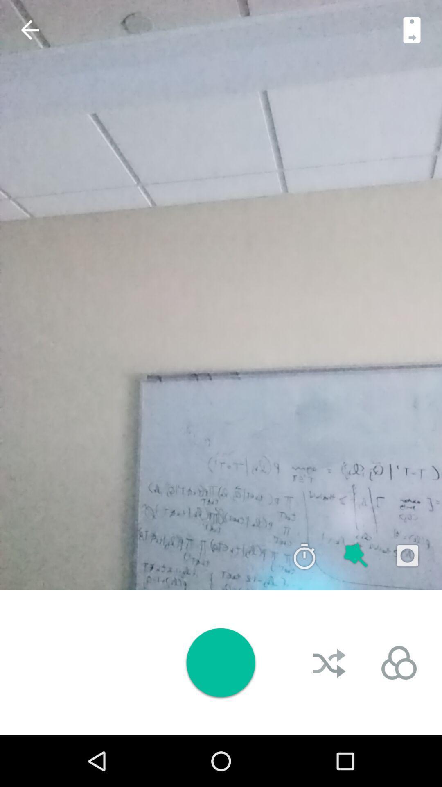 The height and width of the screenshot is (787, 442). I want to click on switch camera, so click(412, 30).